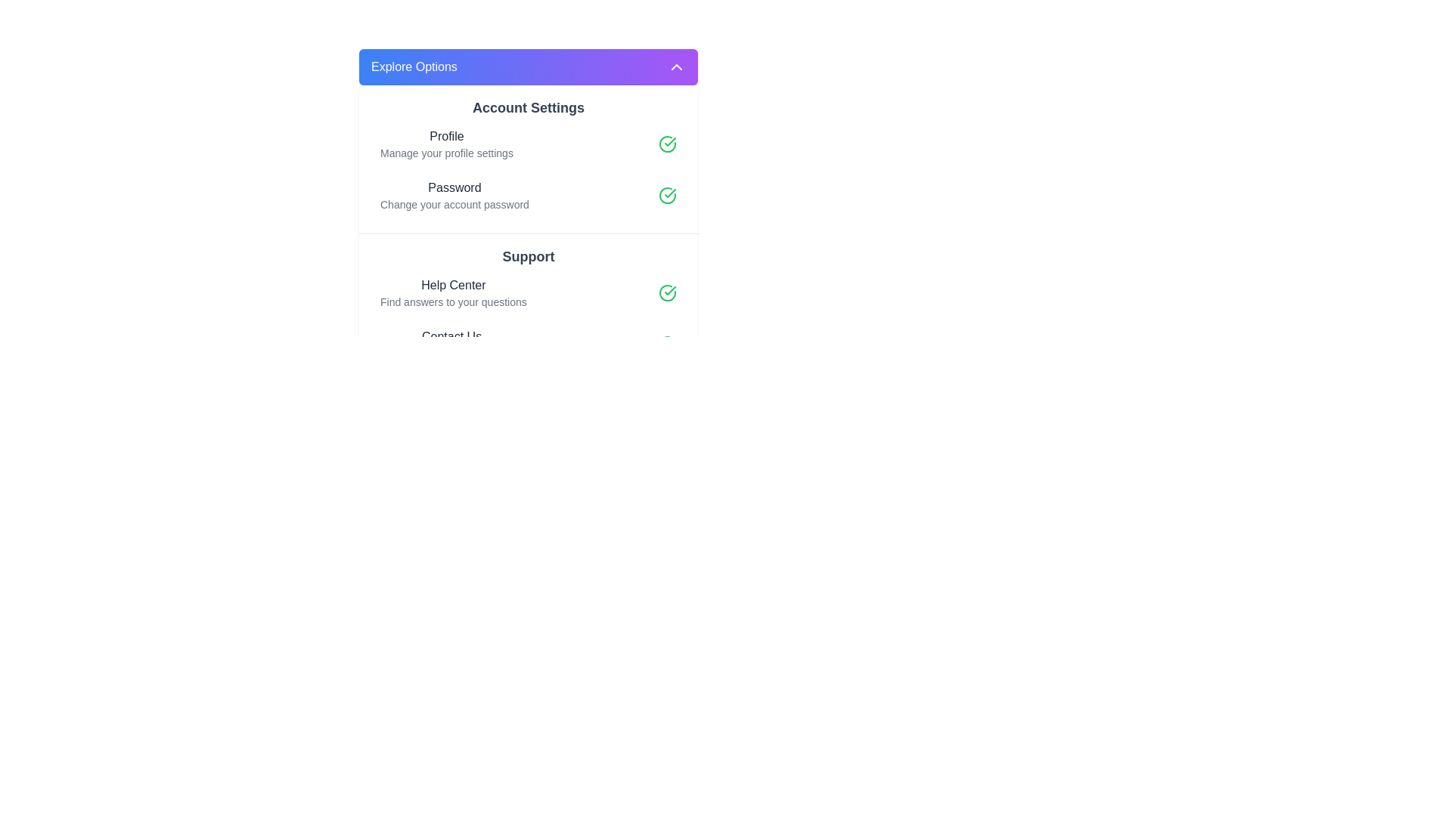  Describe the element at coordinates (529, 255) in the screenshot. I see `the 'Support' Static Text element, which displays the text in a large, bold font with a dark gray color, centered in the support options section` at that location.